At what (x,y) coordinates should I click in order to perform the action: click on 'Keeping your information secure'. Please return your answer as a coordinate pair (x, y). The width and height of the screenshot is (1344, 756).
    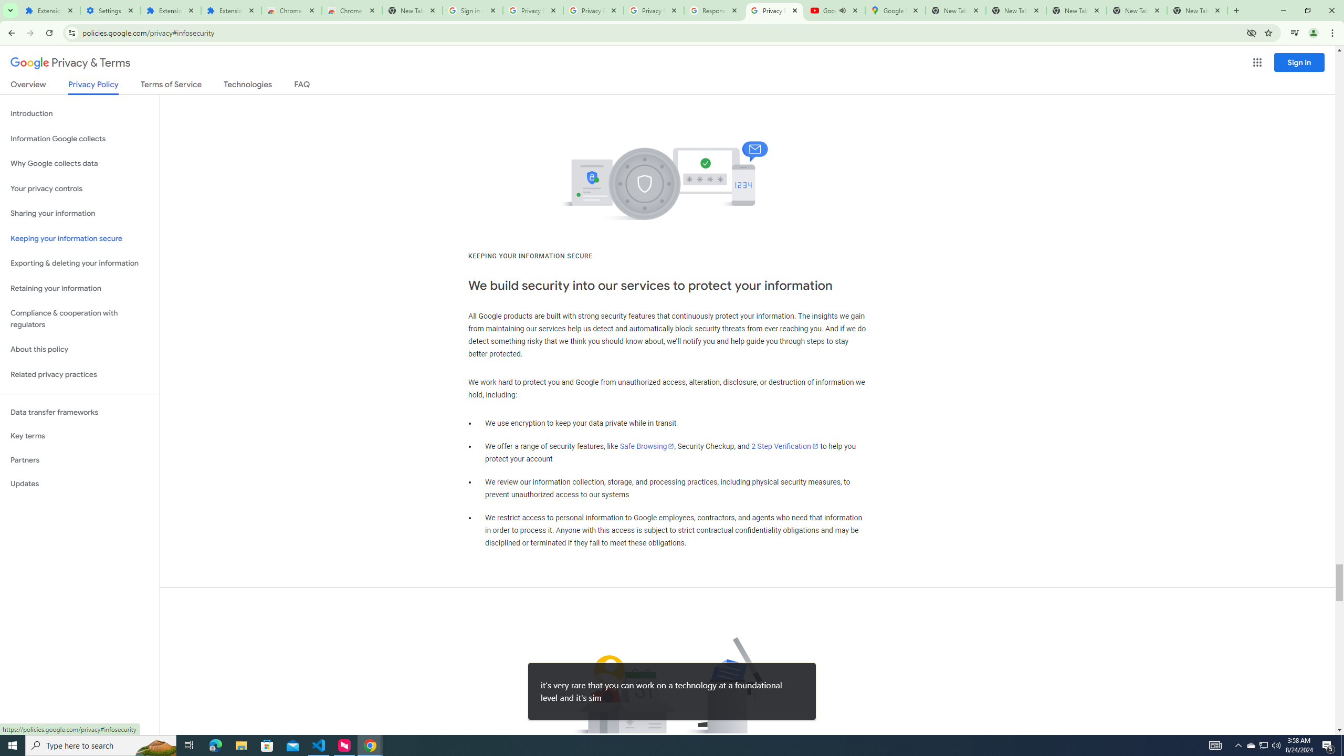
    Looking at the image, I should click on (79, 239).